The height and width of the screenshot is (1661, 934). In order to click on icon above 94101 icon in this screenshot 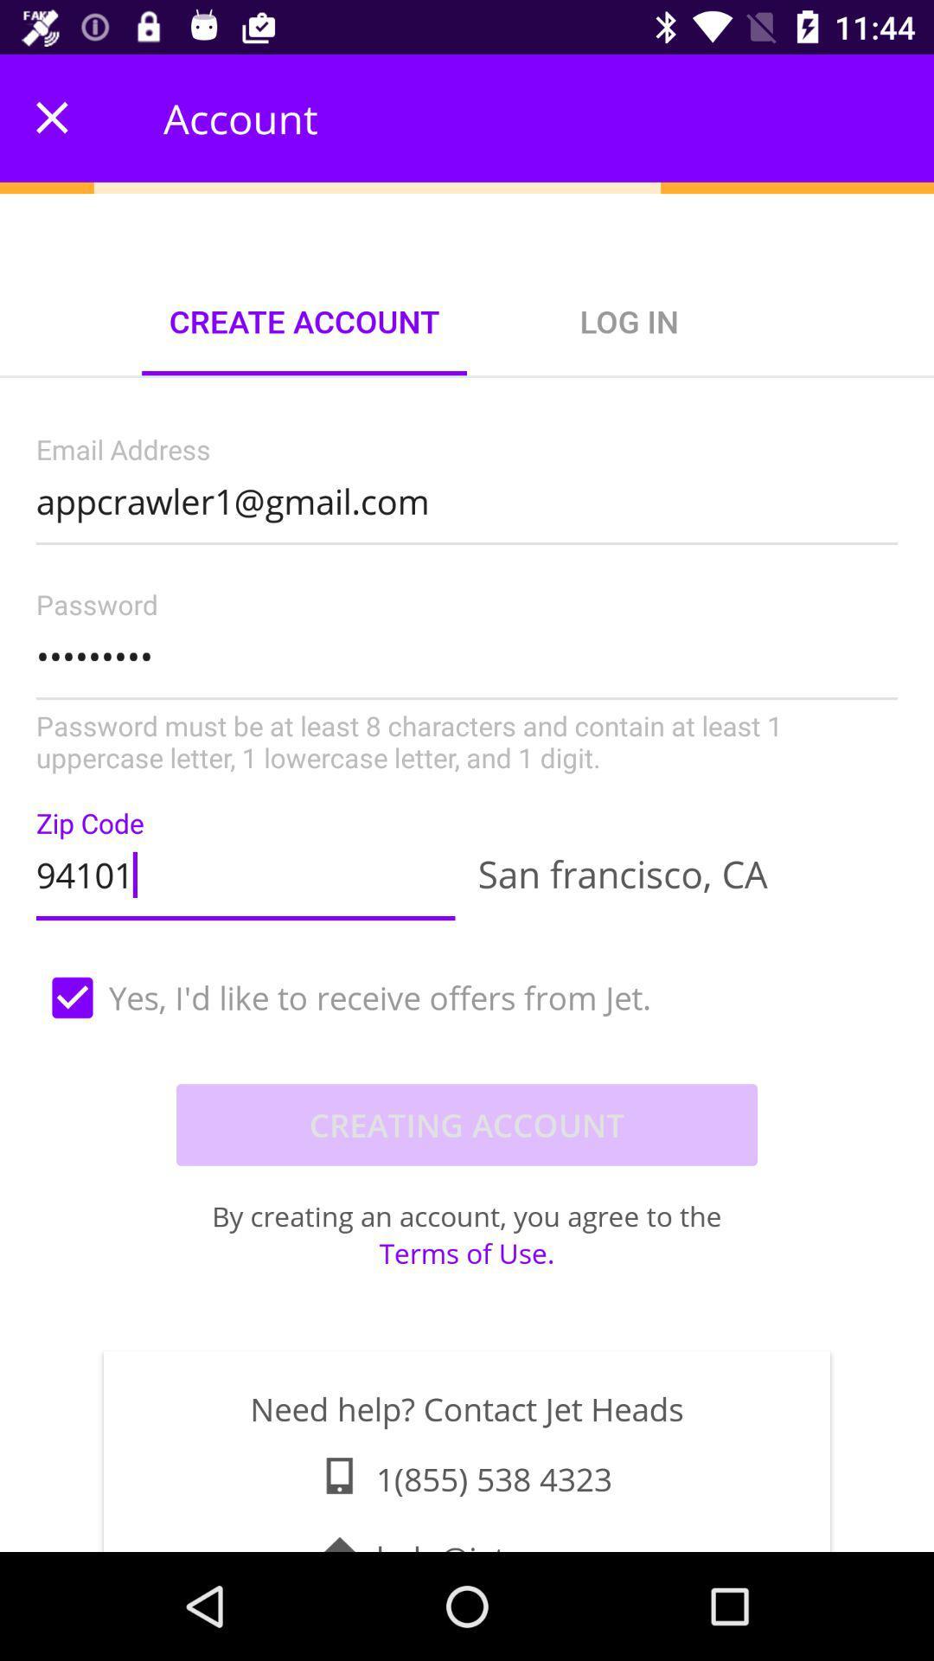, I will do `click(467, 683)`.